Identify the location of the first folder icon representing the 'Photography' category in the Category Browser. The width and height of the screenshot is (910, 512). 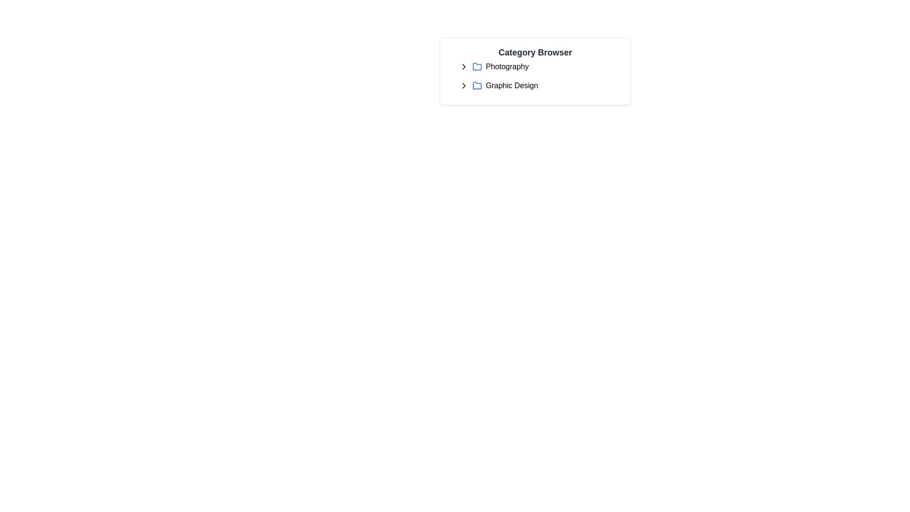
(477, 65).